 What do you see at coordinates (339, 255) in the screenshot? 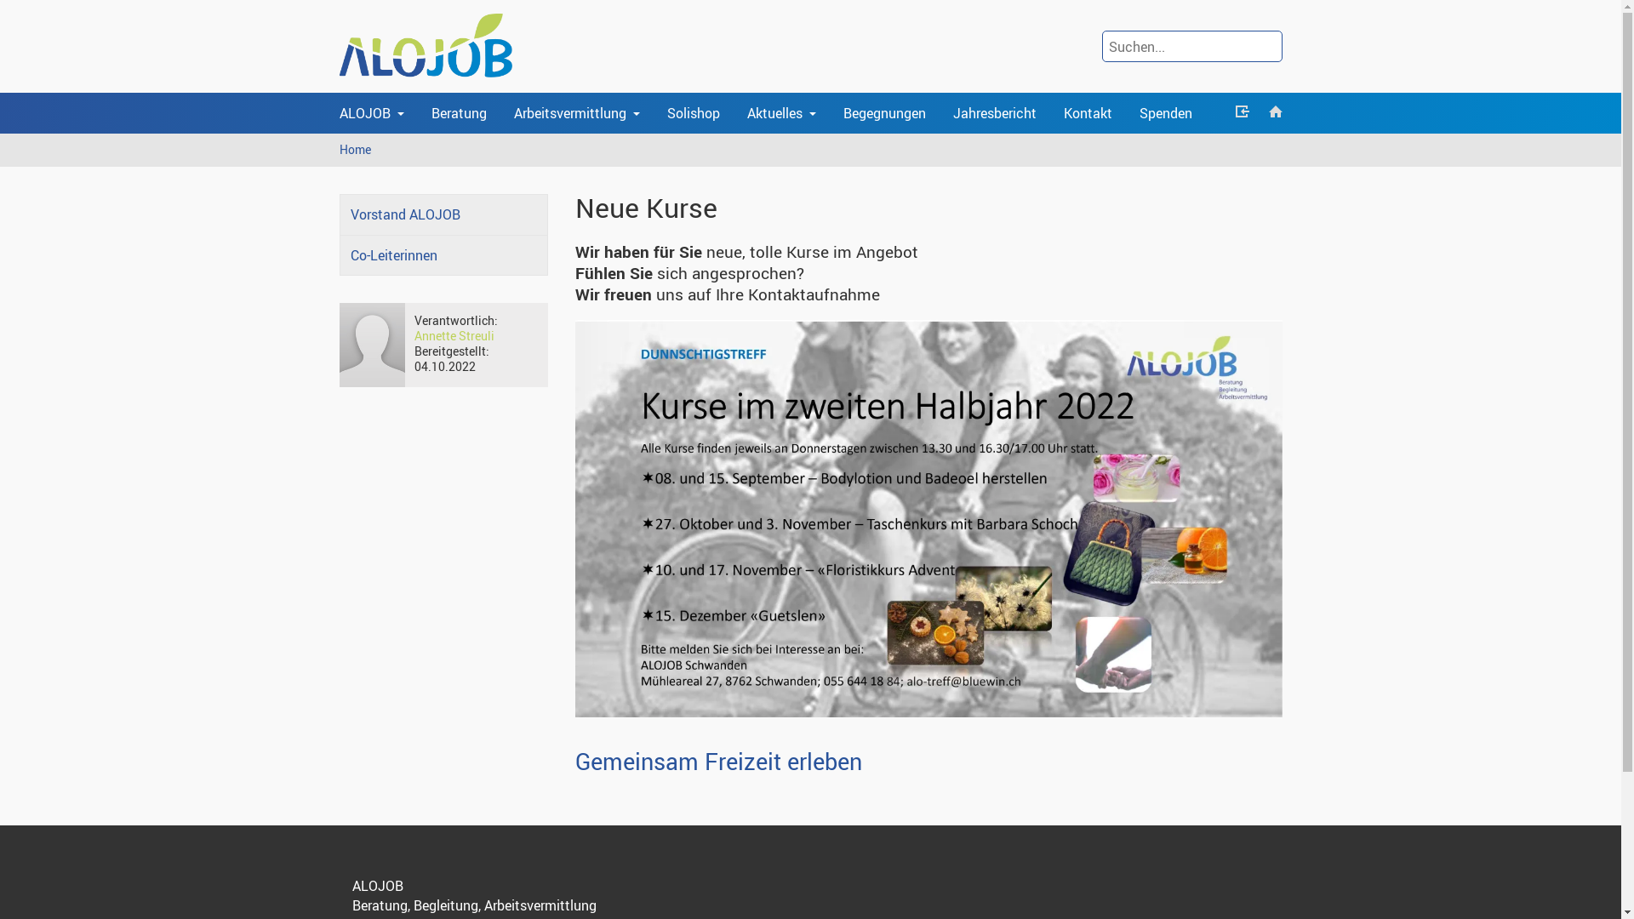
I see `'Co-Leiterinnen'` at bounding box center [339, 255].